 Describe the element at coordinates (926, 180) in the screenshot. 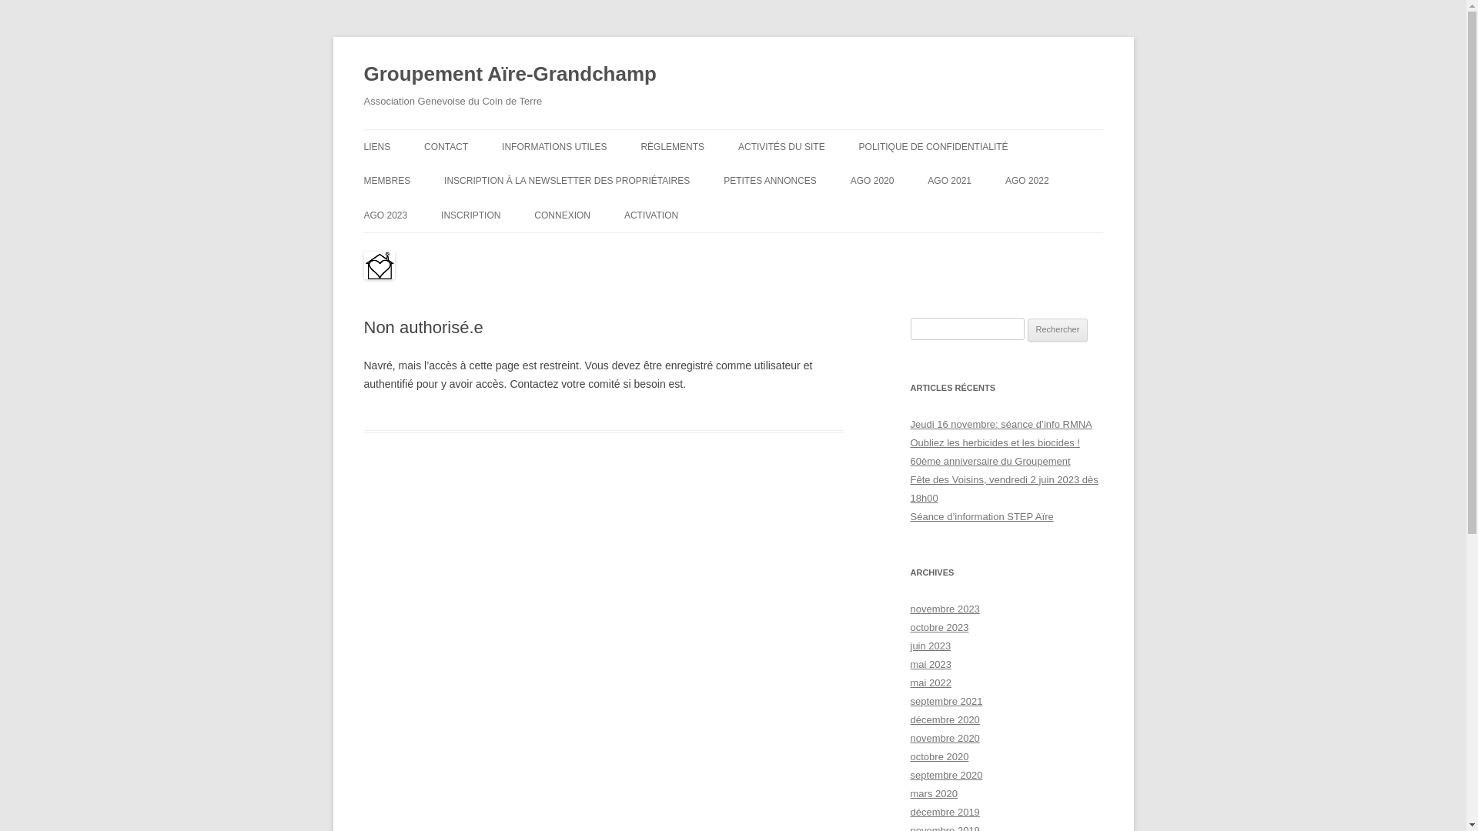

I see `'AGO 2021'` at that location.